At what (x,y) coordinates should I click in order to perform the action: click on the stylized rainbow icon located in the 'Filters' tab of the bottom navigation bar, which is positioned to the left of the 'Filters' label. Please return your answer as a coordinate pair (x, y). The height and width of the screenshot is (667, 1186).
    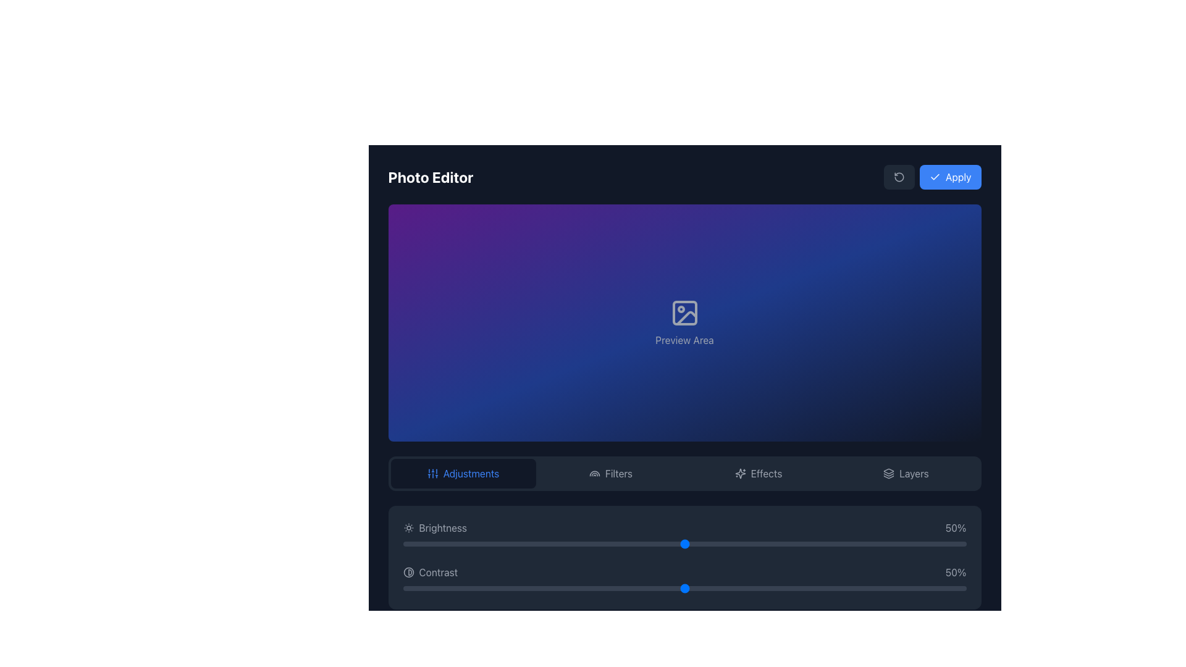
    Looking at the image, I should click on (594, 473).